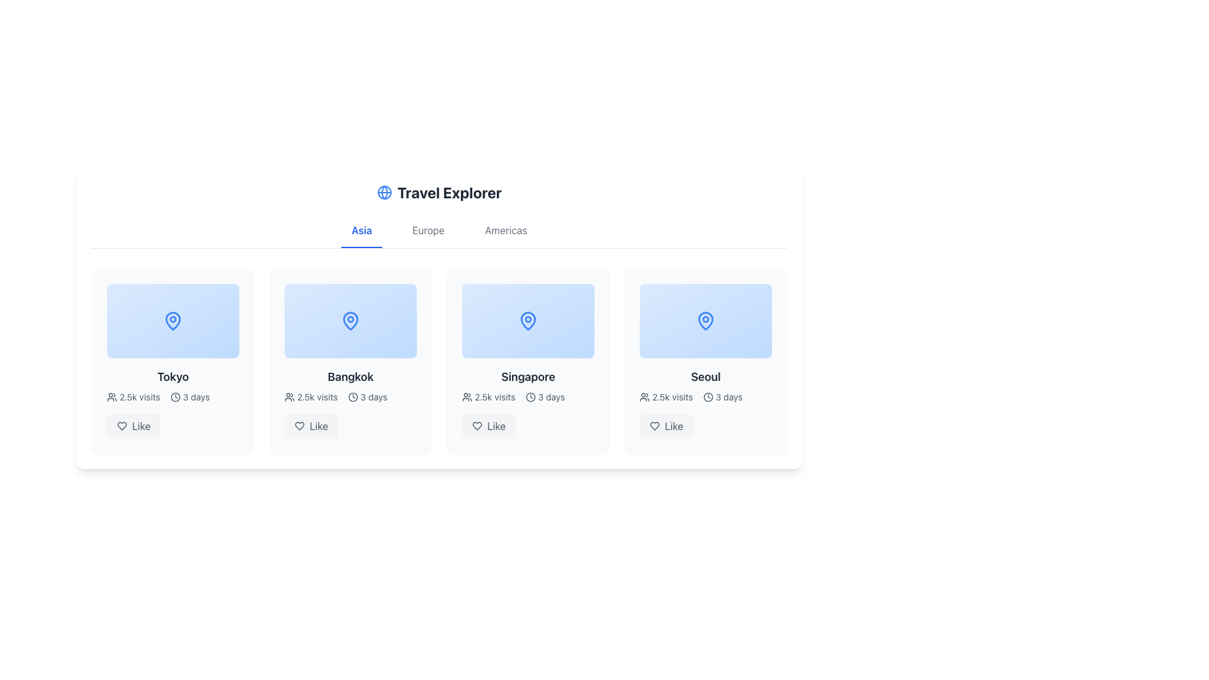 The height and width of the screenshot is (680, 1209). Describe the element at coordinates (706, 376) in the screenshot. I see `text label that represents the name of a travel destination, located in the fourth card from the left in the row of cards labeled 'Asia', positioned below the blue map pin icon and above the text '2.5k visits' and '3 days'` at that location.